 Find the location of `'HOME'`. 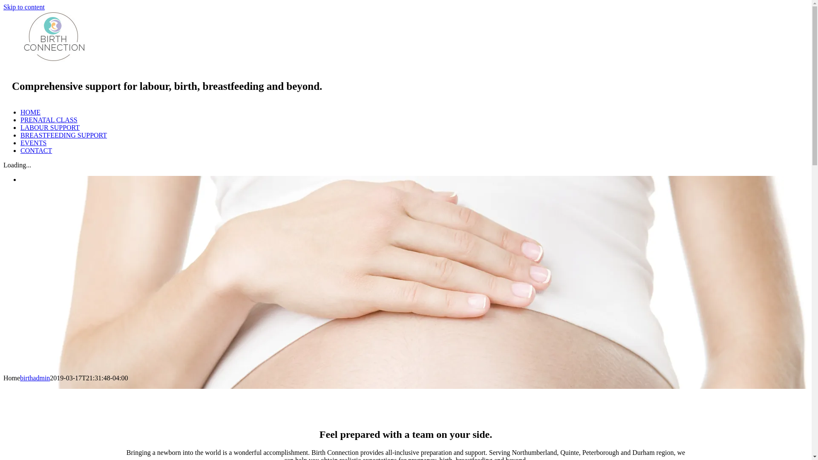

'HOME' is located at coordinates (30, 112).